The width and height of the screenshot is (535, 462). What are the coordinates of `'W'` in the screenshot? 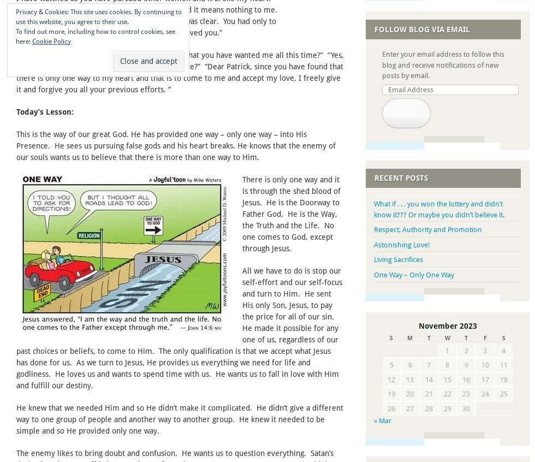 It's located at (447, 337).